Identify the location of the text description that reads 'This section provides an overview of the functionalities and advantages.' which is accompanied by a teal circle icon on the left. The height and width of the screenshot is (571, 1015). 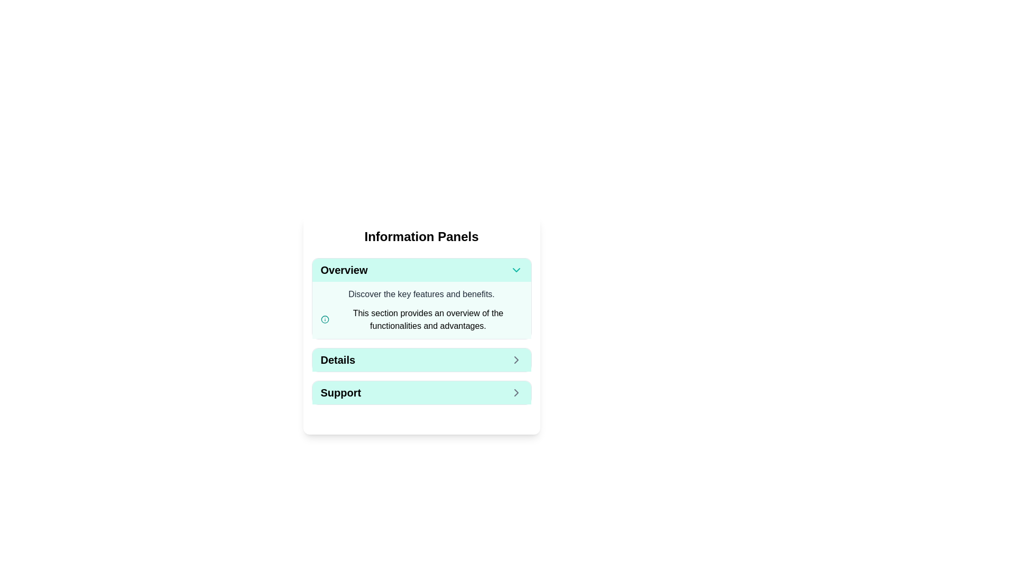
(421, 319).